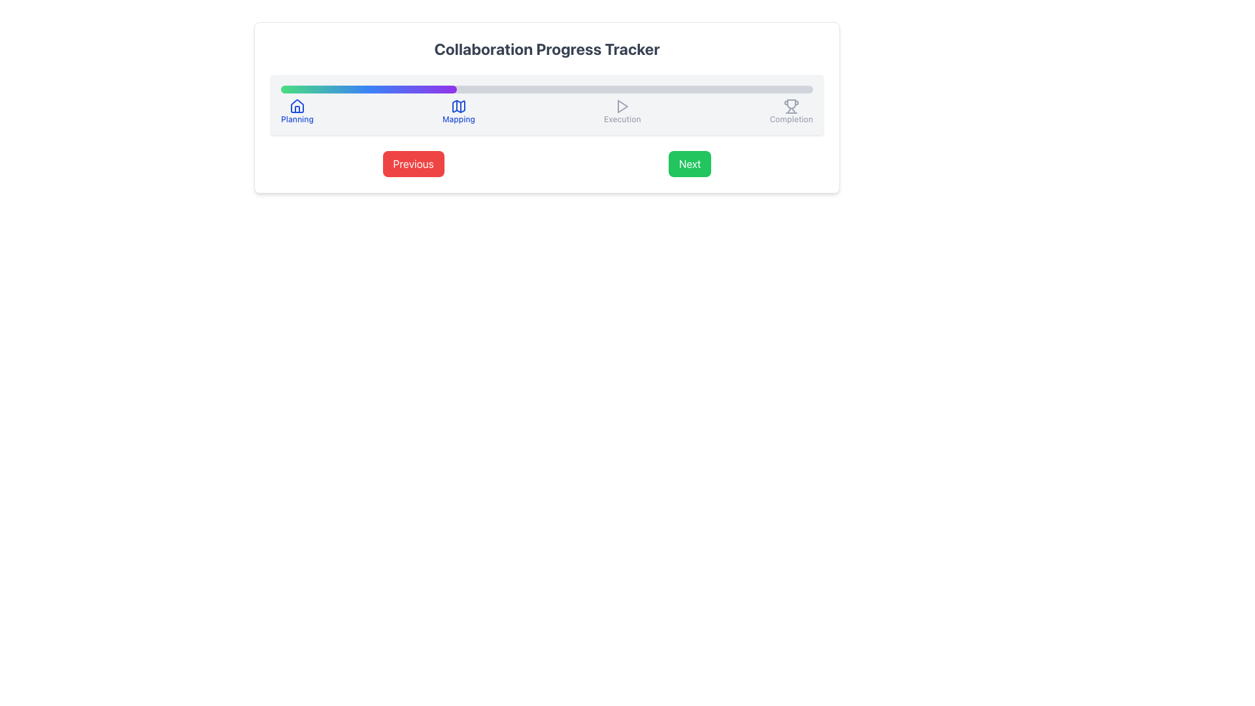  Describe the element at coordinates (458, 105) in the screenshot. I see `the stylized map icon with fold lines, which is the second icon from the left under the progress tracker, representing the 'Mapping' stage` at that location.